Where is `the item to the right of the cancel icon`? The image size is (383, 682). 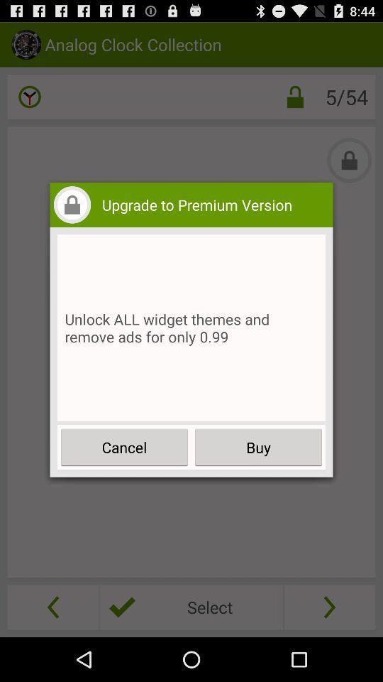 the item to the right of the cancel icon is located at coordinates (257, 446).